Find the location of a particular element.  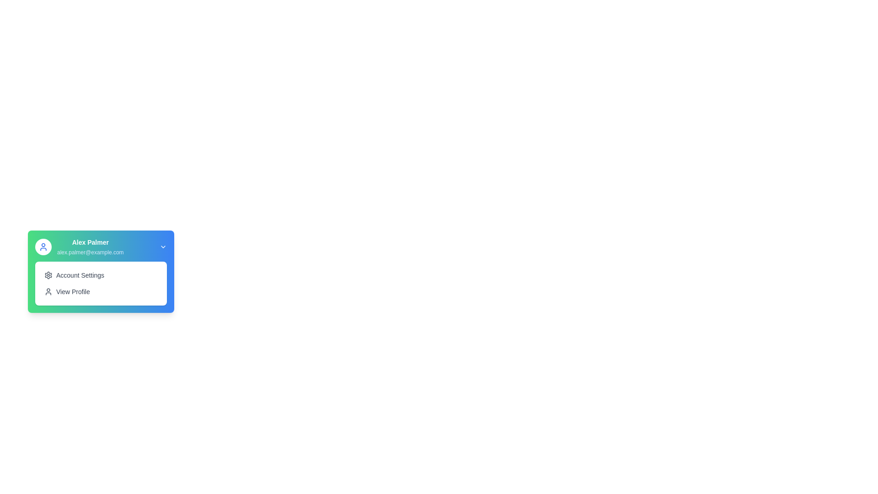

the Clickable user information overview is located at coordinates (101, 247).